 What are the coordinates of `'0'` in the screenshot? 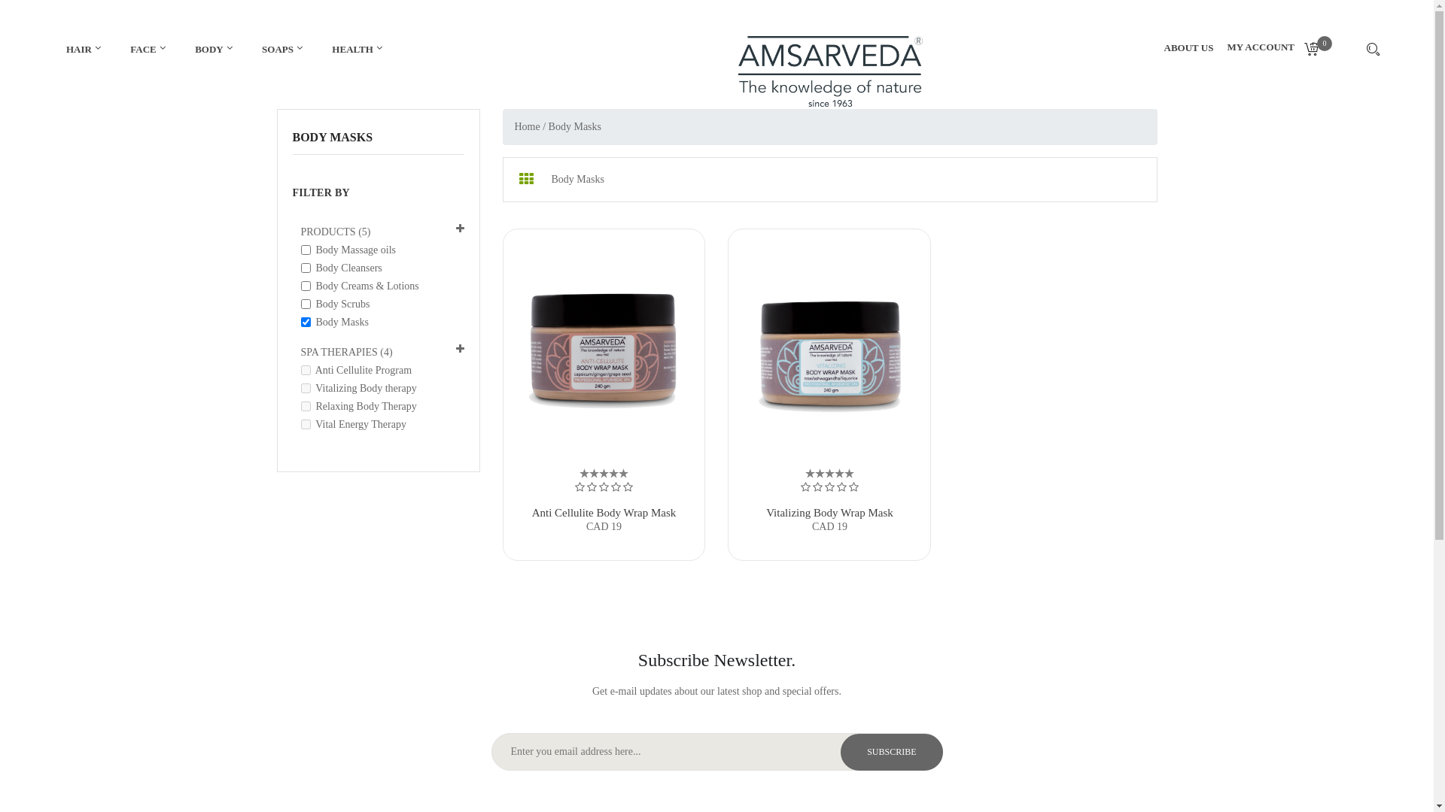 It's located at (1316, 50).